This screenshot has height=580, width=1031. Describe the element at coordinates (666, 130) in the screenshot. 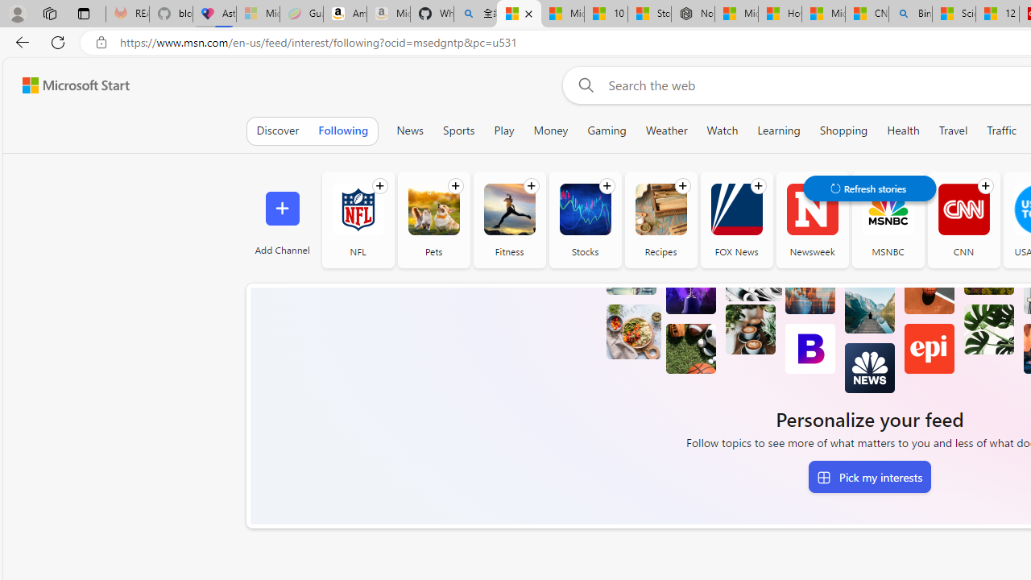

I see `'Weather'` at that location.